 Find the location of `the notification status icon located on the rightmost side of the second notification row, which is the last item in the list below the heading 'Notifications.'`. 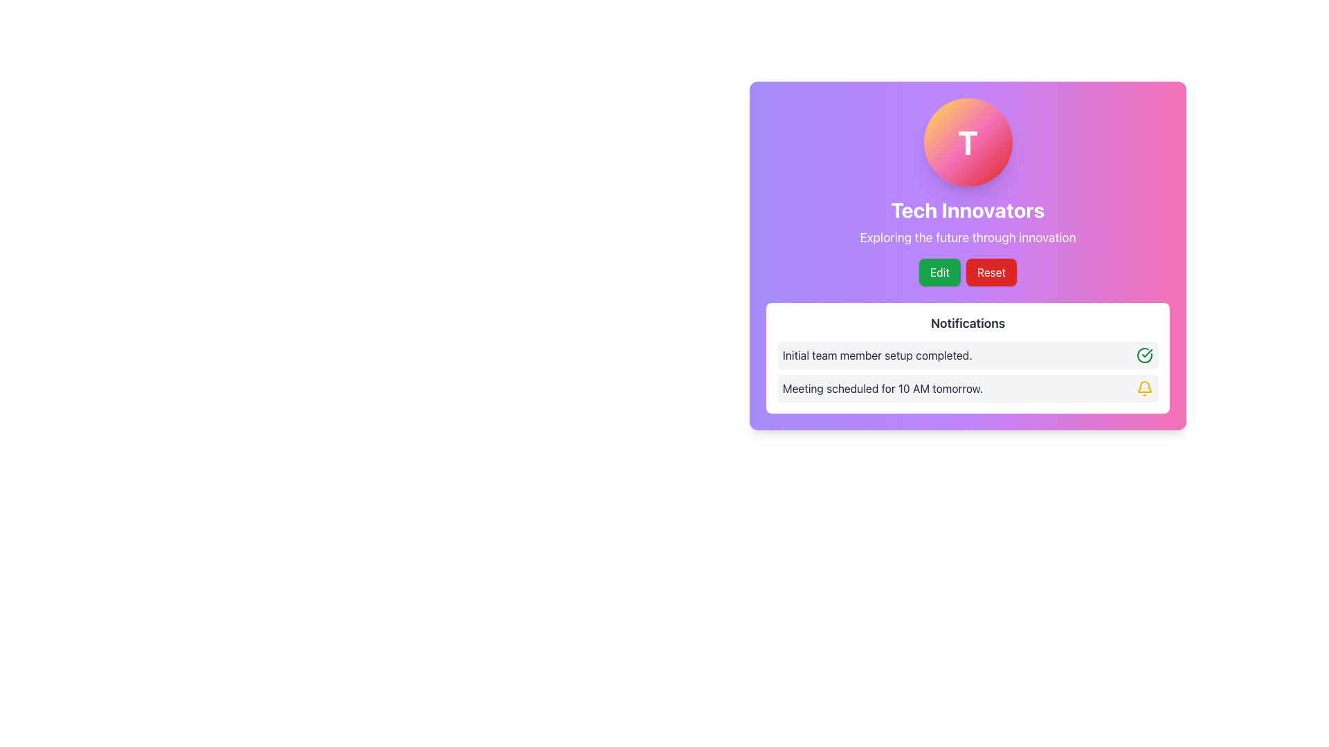

the notification status icon located on the rightmost side of the second notification row, which is the last item in the list below the heading 'Notifications.' is located at coordinates (1145, 387).